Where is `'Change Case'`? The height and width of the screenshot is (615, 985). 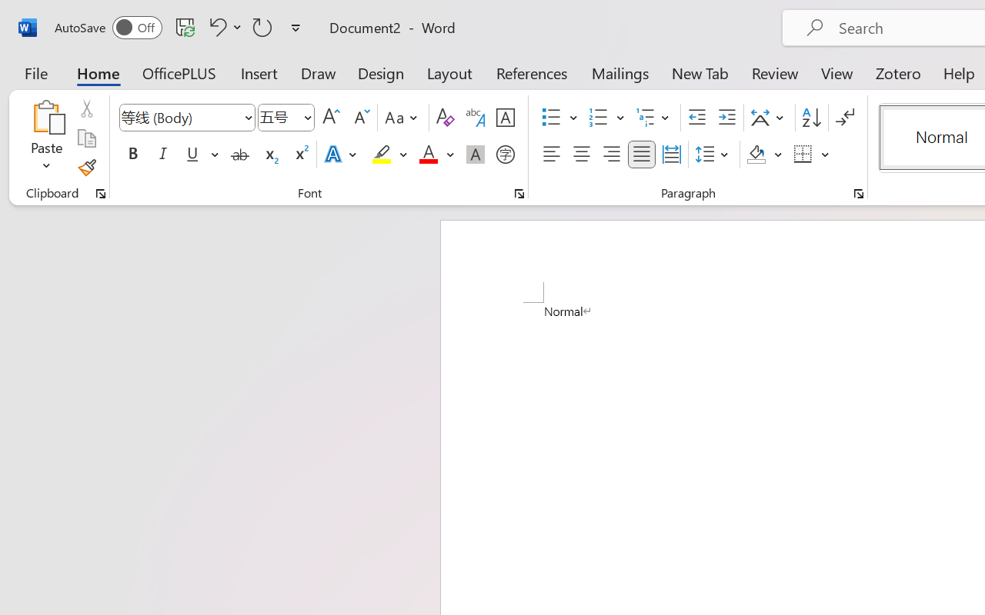 'Change Case' is located at coordinates (403, 118).